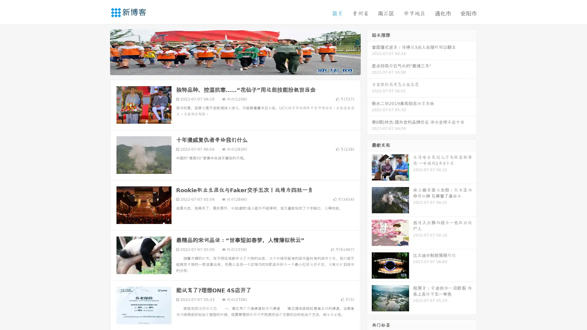  What do you see at coordinates (369, 51) in the screenshot?
I see `Next slide` at bounding box center [369, 51].